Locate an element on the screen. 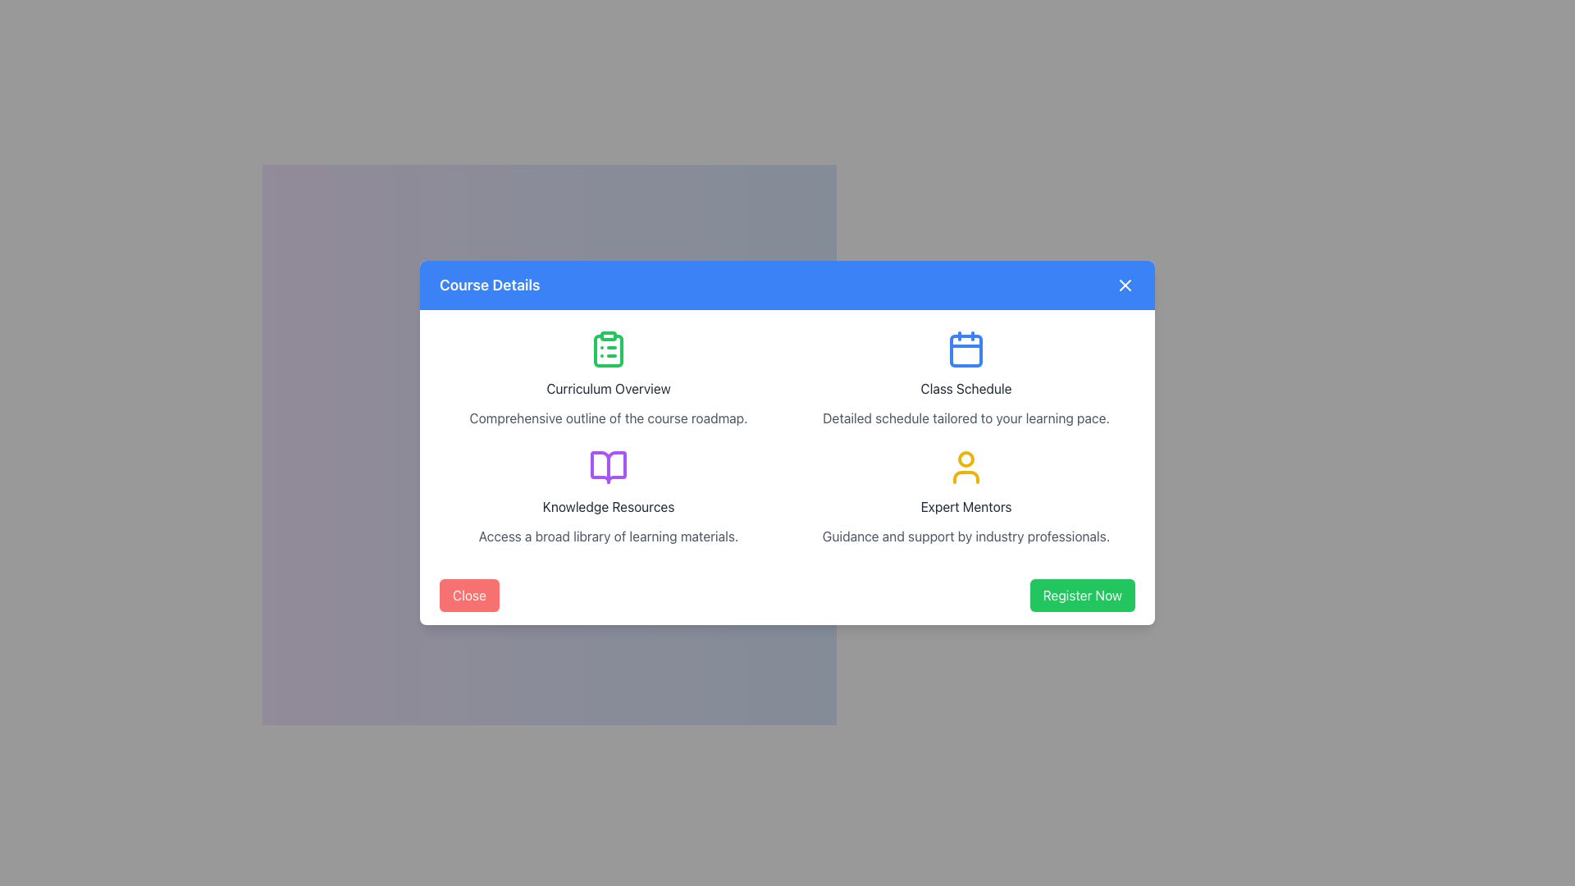  the blue and white calendar icon located in the upper-right section of the 'Course Details' modal, which features rounded corners and resembles a modern, minimalistic design is located at coordinates (966, 348).